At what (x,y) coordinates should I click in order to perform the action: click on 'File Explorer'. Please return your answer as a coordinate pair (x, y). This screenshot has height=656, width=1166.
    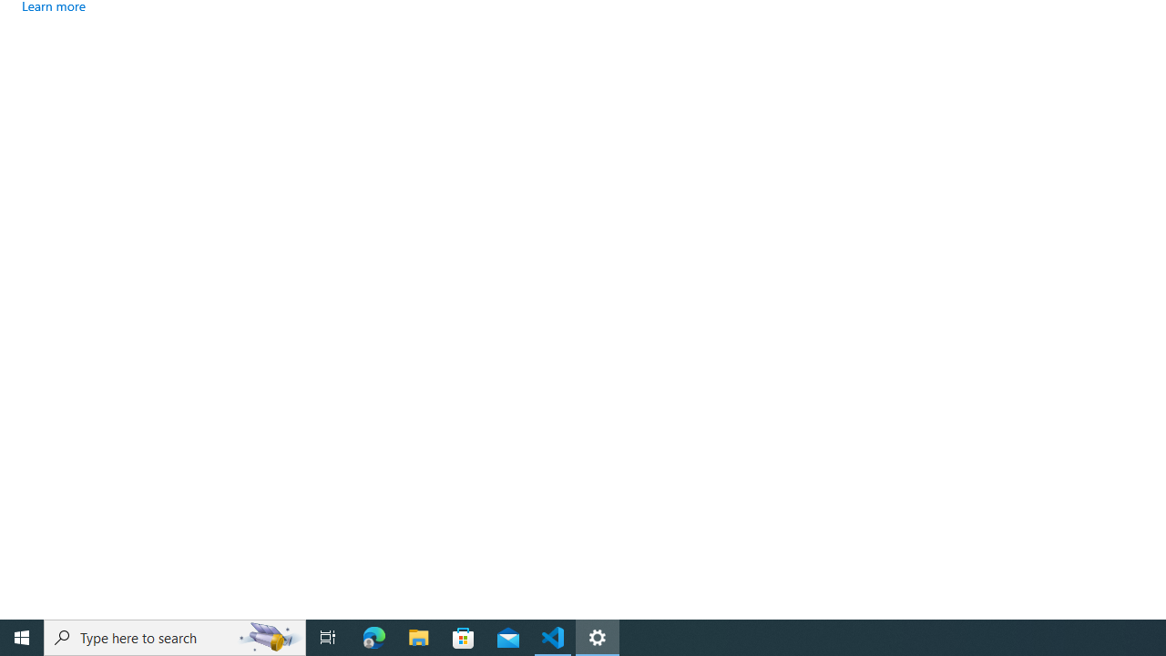
    Looking at the image, I should click on (418, 636).